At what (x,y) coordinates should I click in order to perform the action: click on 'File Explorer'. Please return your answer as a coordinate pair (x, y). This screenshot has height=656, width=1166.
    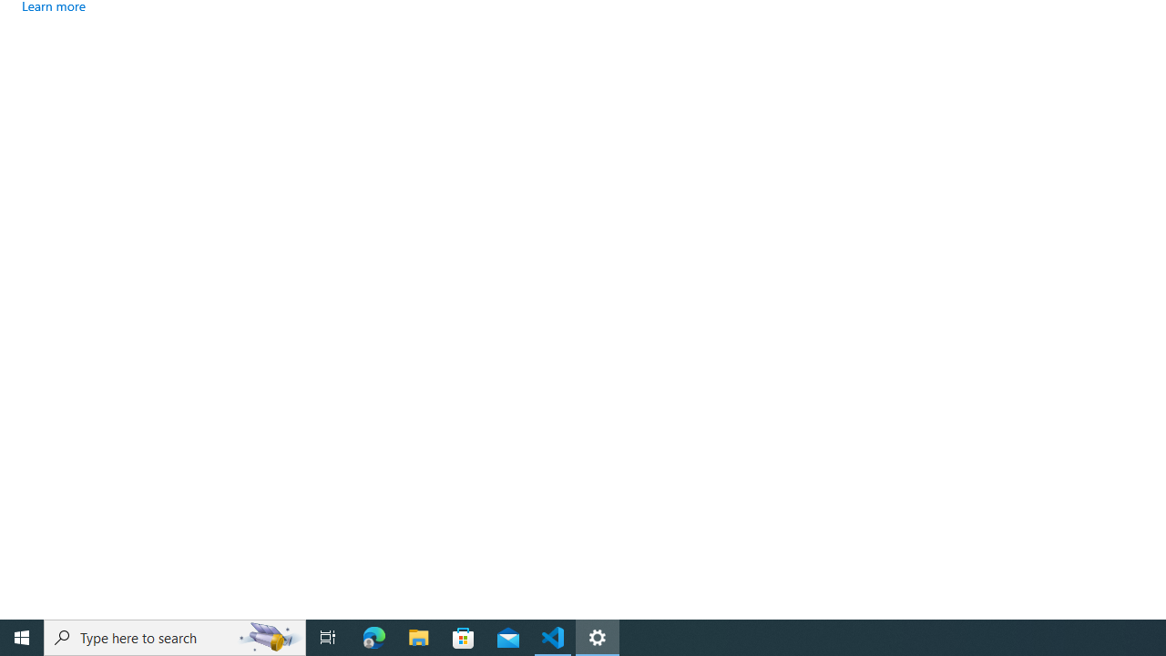
    Looking at the image, I should click on (418, 636).